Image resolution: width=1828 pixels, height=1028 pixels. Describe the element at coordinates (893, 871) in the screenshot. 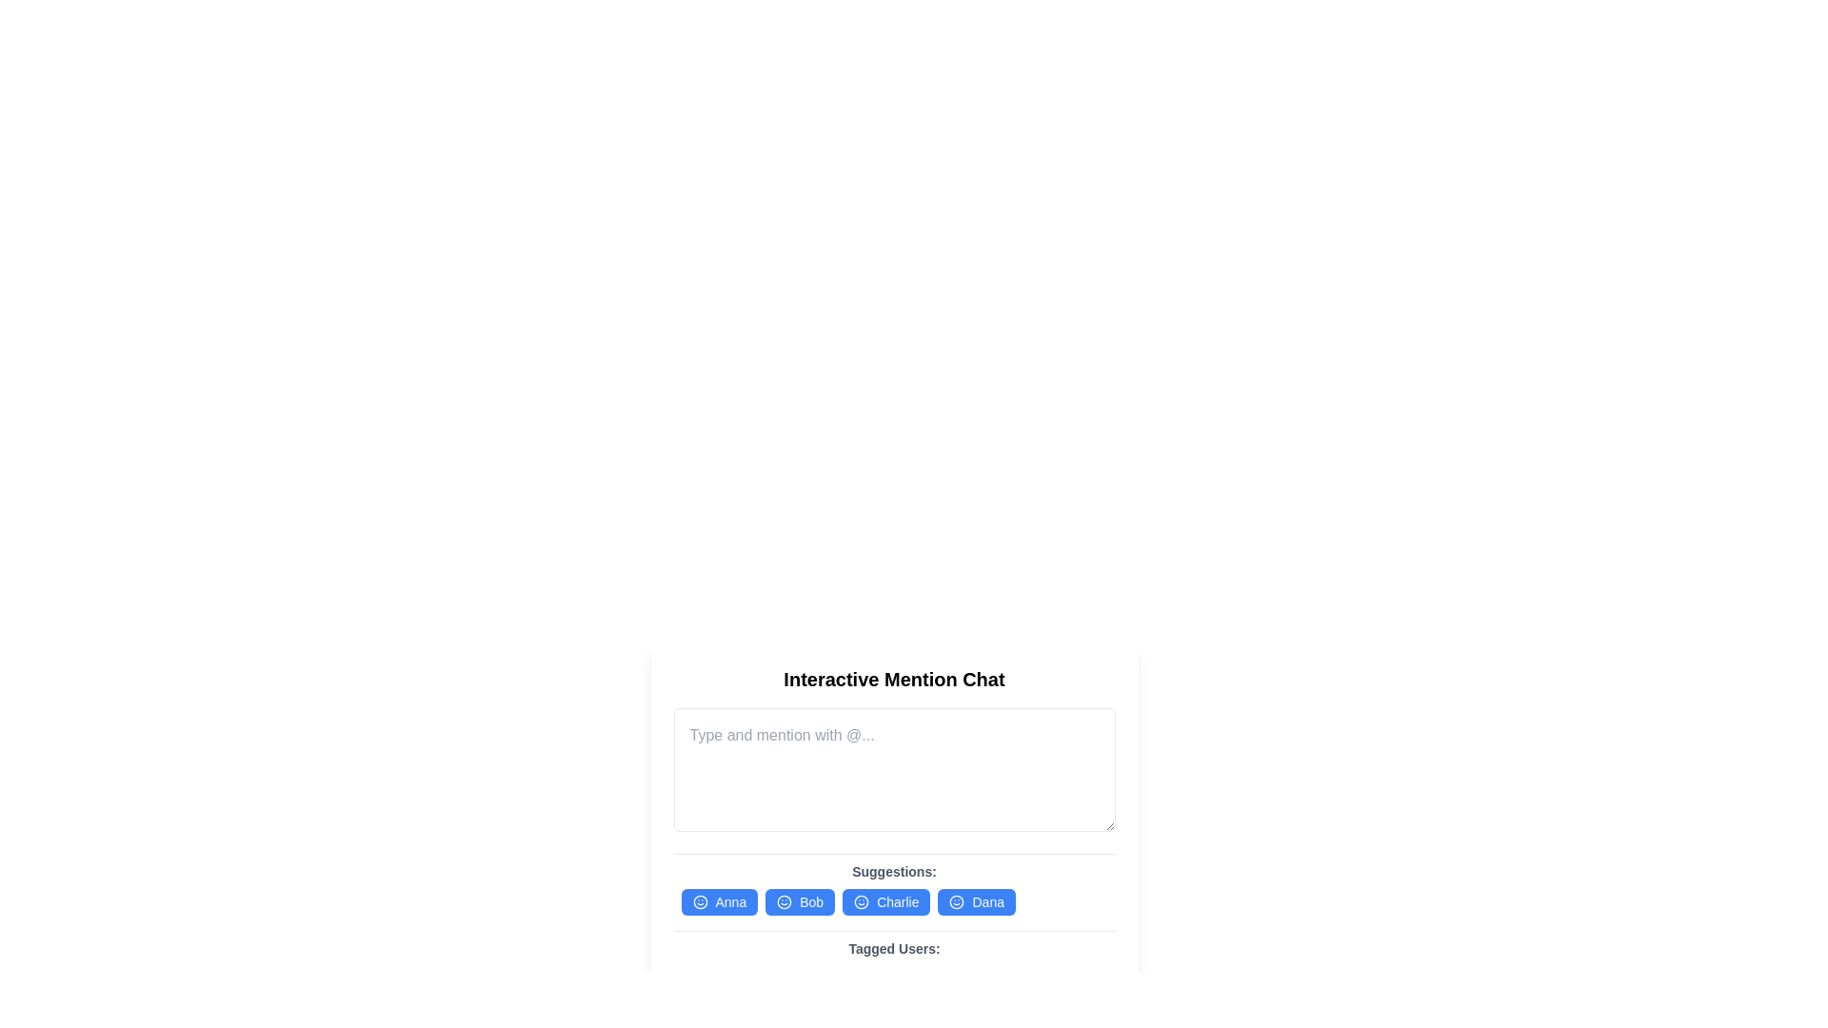

I see `the text label displaying 'Suggestions:' which is styled in bold gray font and positioned above the suggestion buttons` at that location.